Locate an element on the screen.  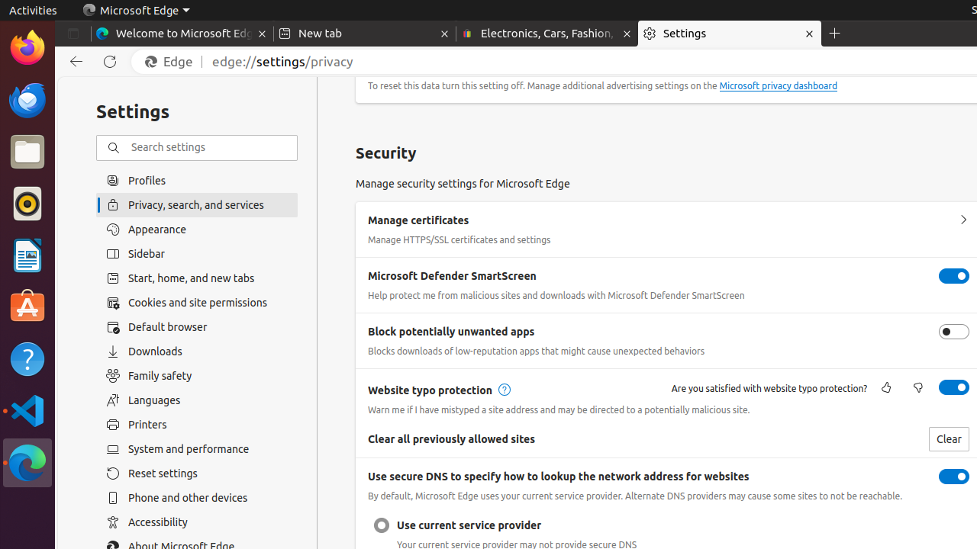
'Microsoft privacy dashboard' is located at coordinates (779, 85).